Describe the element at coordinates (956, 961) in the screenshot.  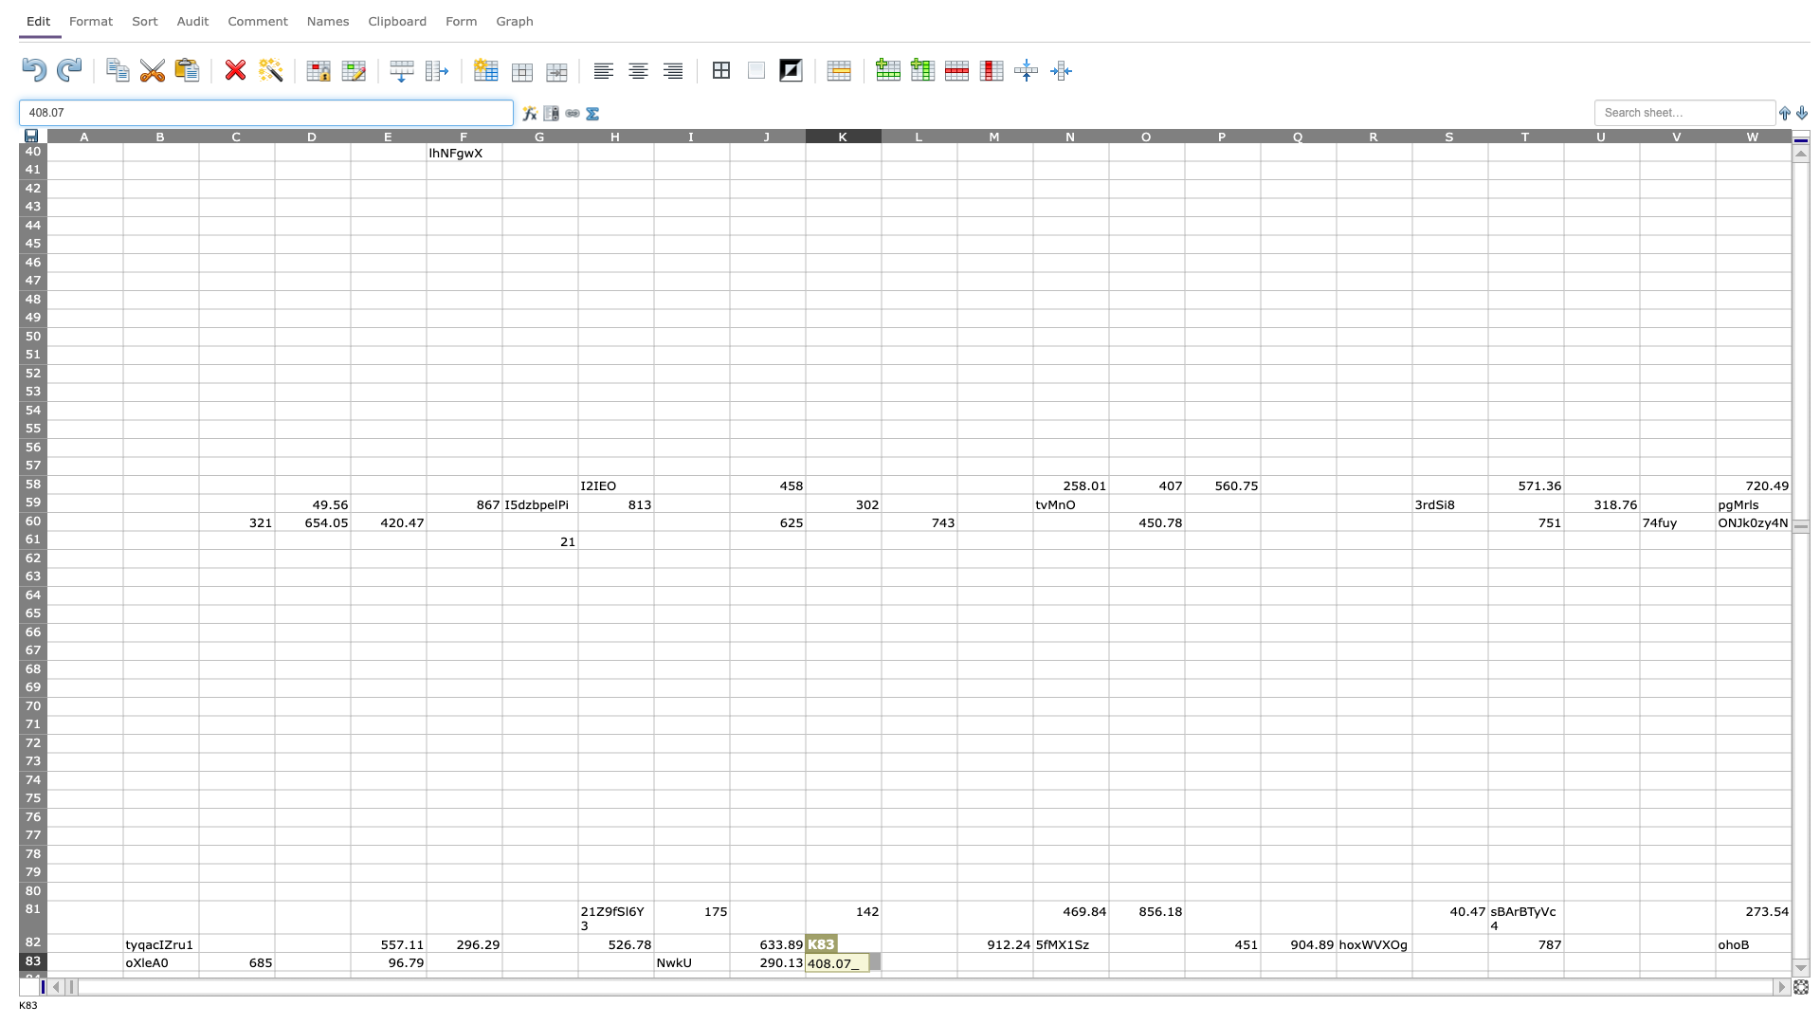
I see `Place cursor on right border of L83` at that location.